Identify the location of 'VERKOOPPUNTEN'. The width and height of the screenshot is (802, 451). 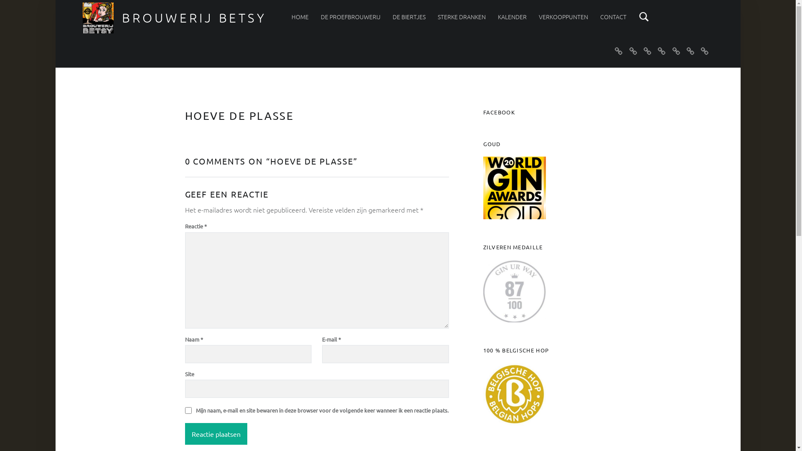
(563, 16).